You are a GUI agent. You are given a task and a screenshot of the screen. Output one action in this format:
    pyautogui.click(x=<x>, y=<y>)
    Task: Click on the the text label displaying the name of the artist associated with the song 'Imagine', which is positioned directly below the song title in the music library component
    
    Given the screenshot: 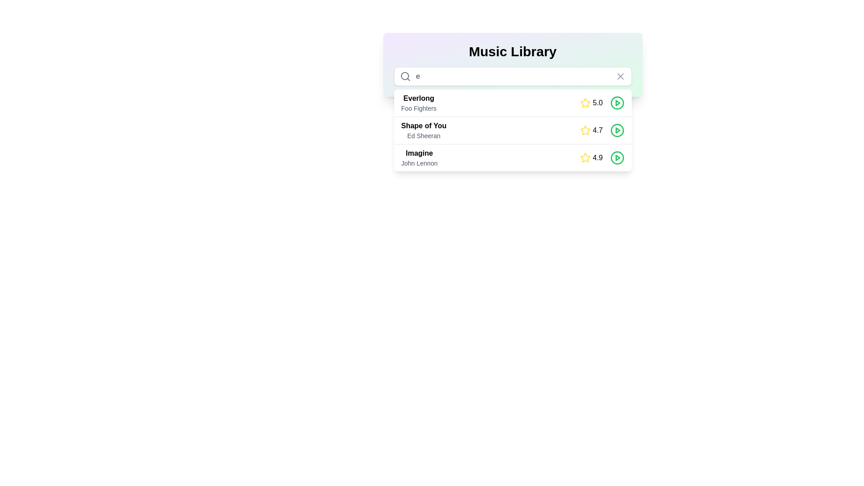 What is the action you would take?
    pyautogui.click(x=418, y=163)
    